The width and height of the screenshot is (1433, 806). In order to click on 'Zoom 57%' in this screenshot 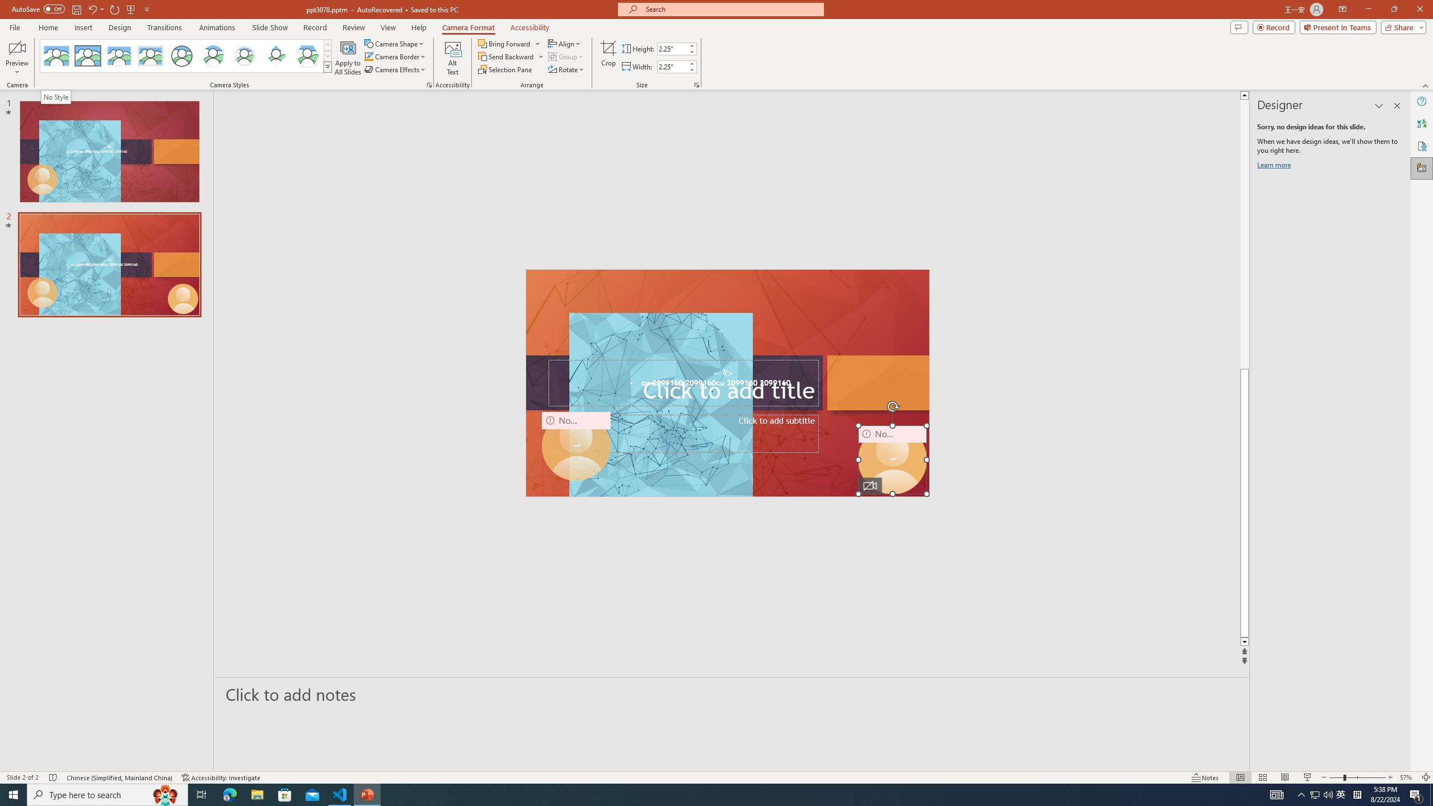, I will do `click(1408, 777)`.